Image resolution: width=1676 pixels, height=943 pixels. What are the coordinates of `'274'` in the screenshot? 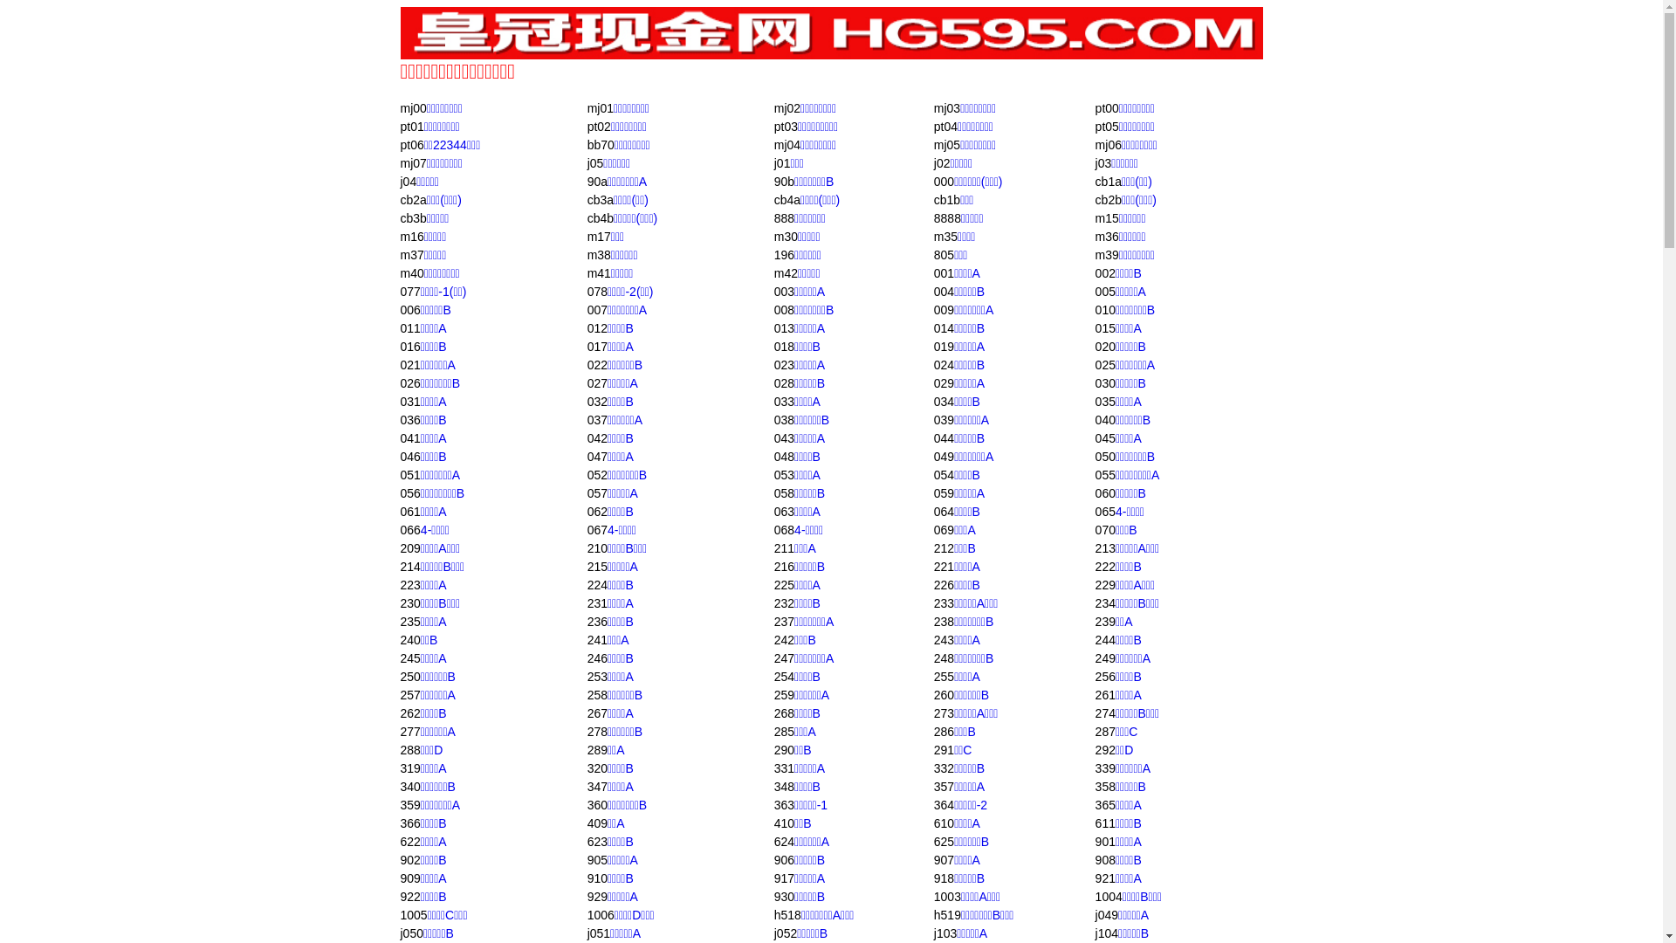 It's located at (1094, 713).